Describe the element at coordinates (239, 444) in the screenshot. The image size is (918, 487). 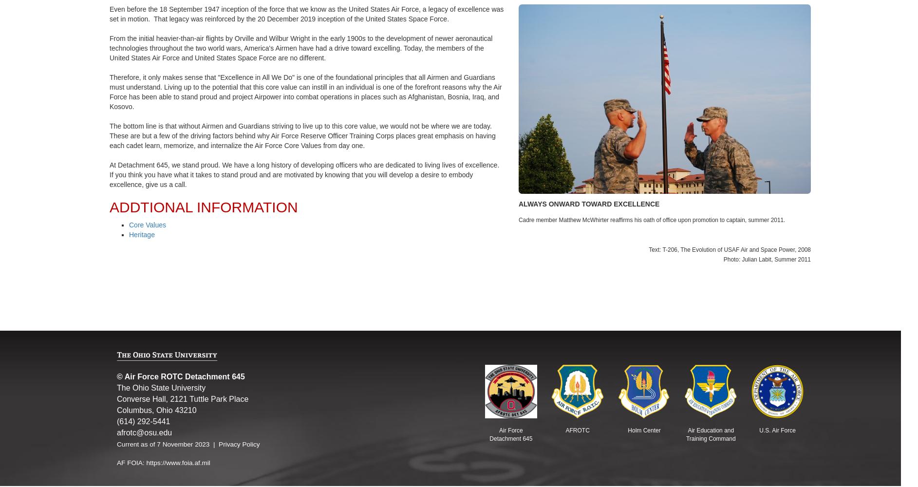
I see `'Privacy Policy'` at that location.